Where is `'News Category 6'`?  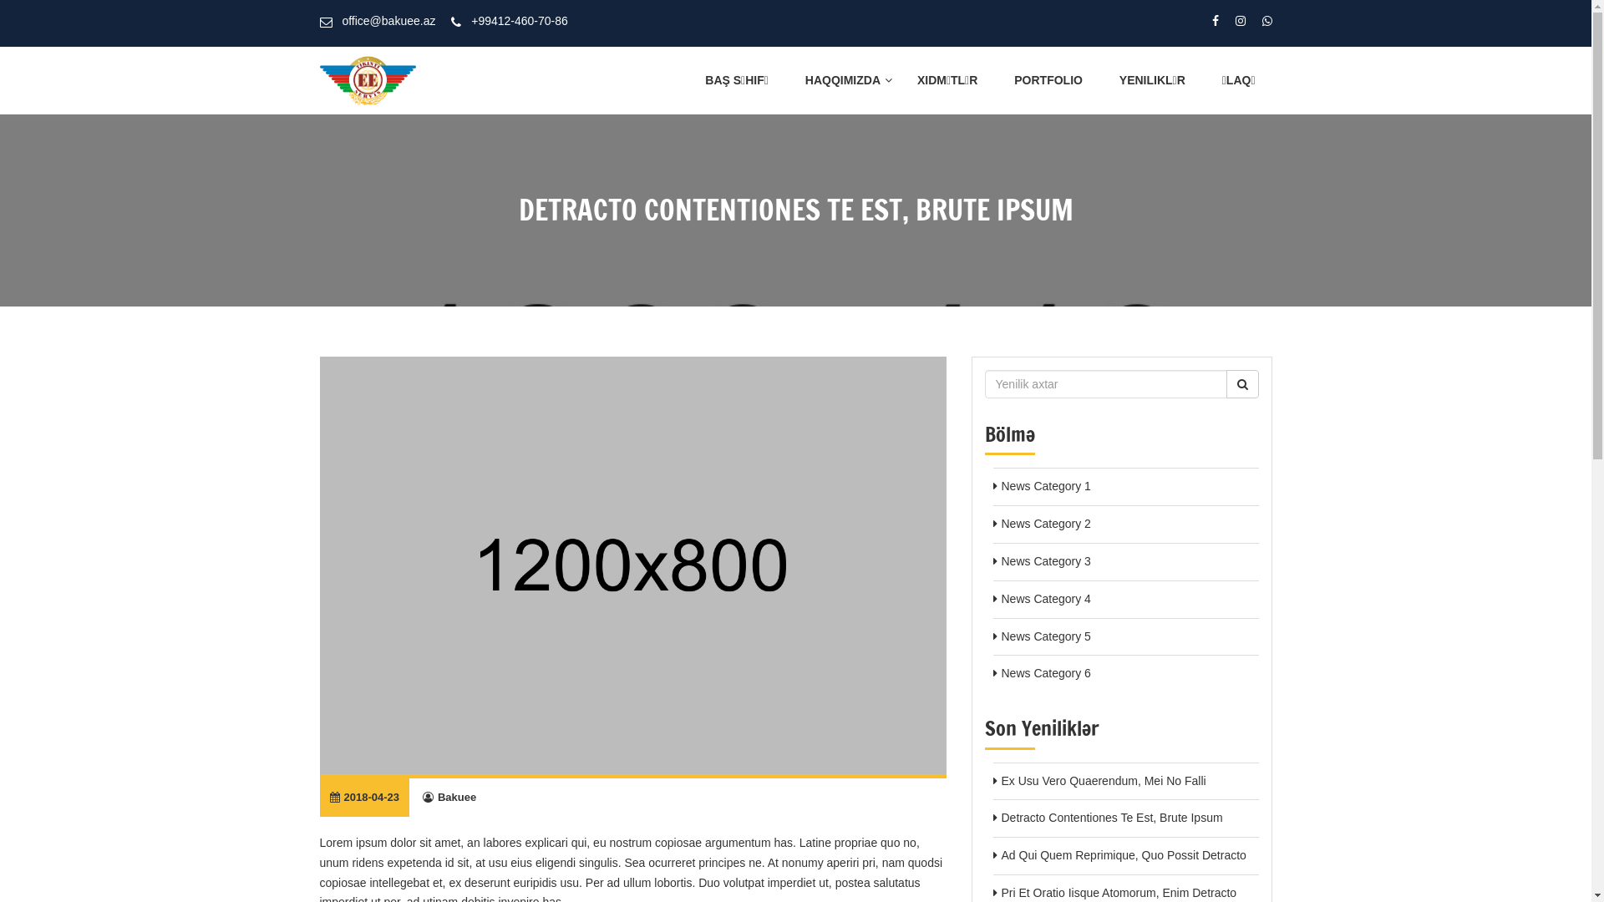
'News Category 6' is located at coordinates (1044, 672).